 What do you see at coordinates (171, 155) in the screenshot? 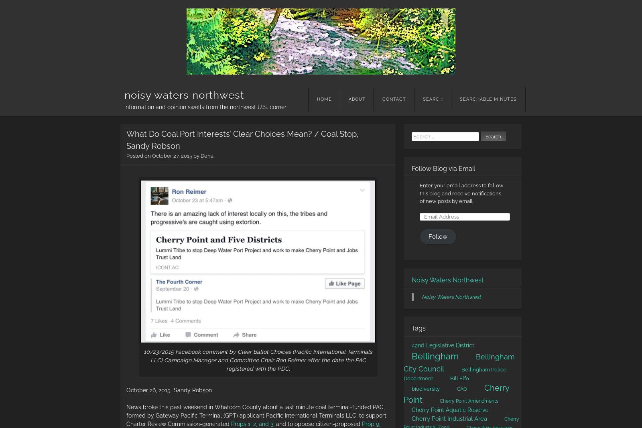
I see `'October 27, 2015'` at bounding box center [171, 155].